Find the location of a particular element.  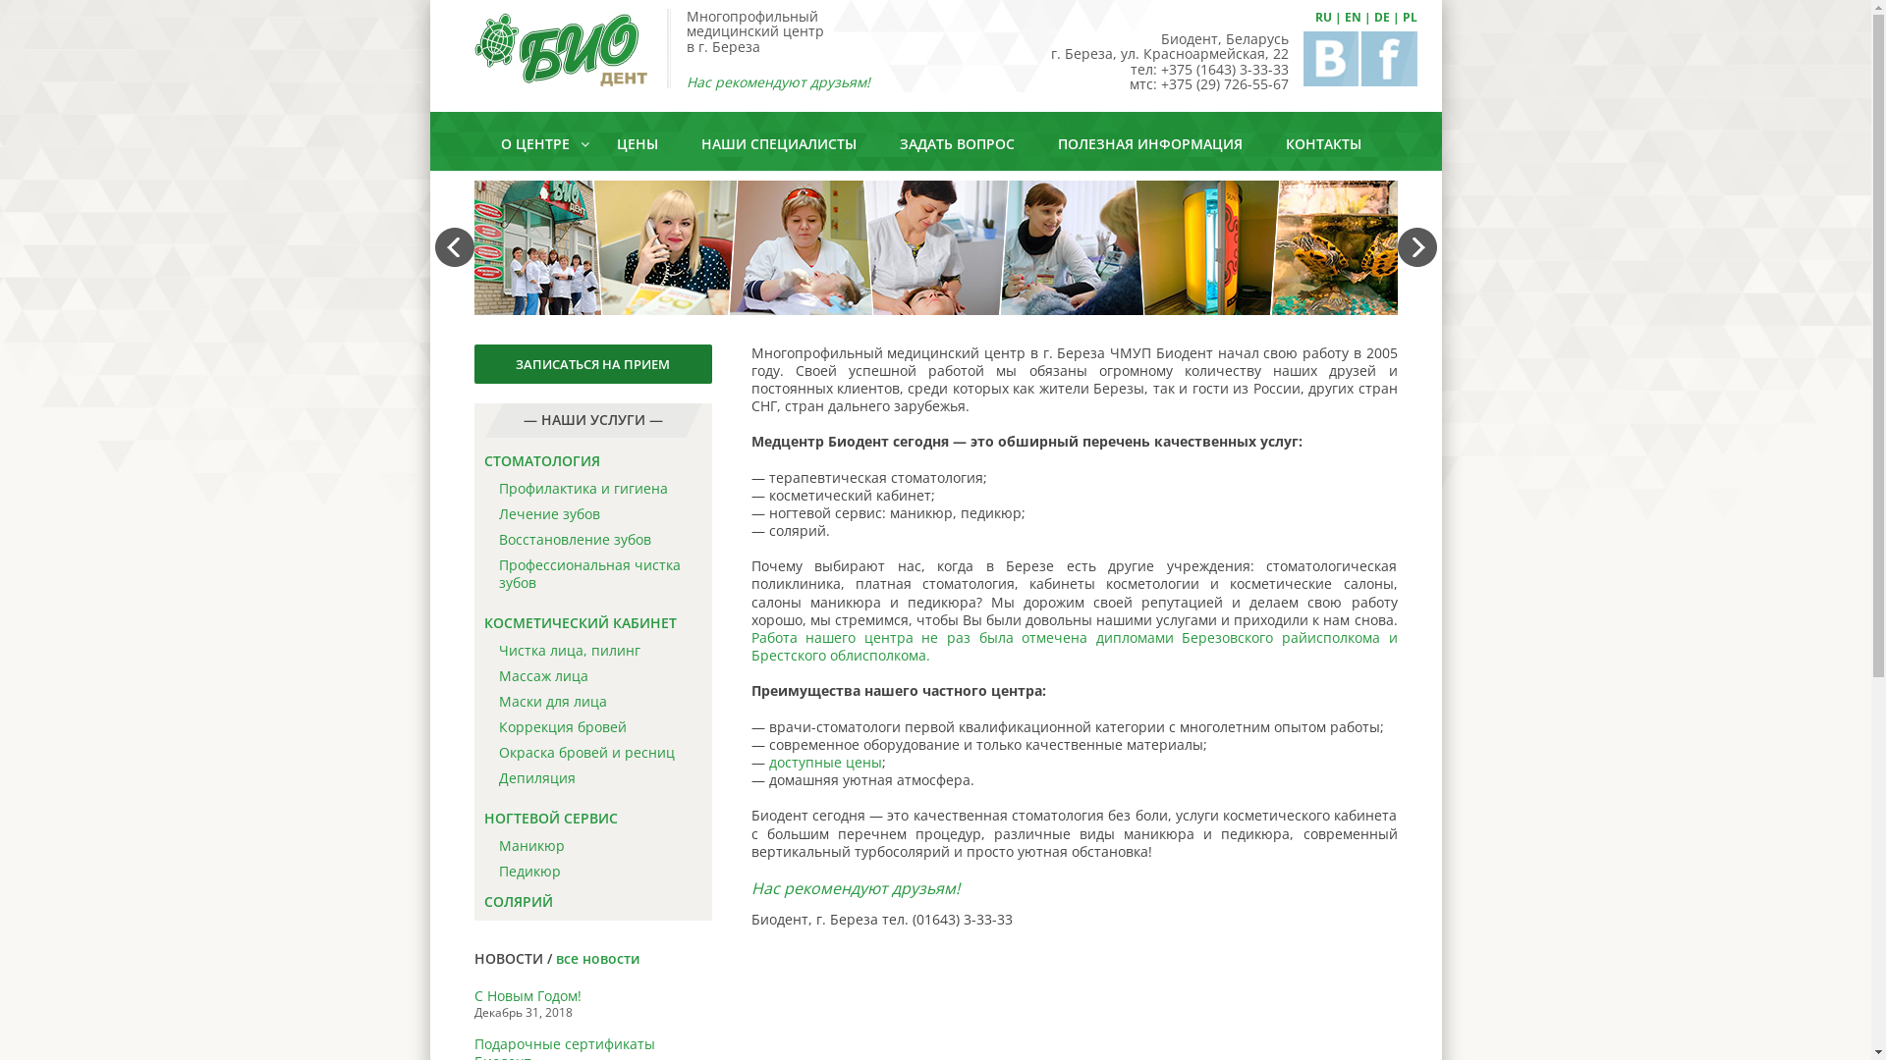

'RU' is located at coordinates (1322, 17).